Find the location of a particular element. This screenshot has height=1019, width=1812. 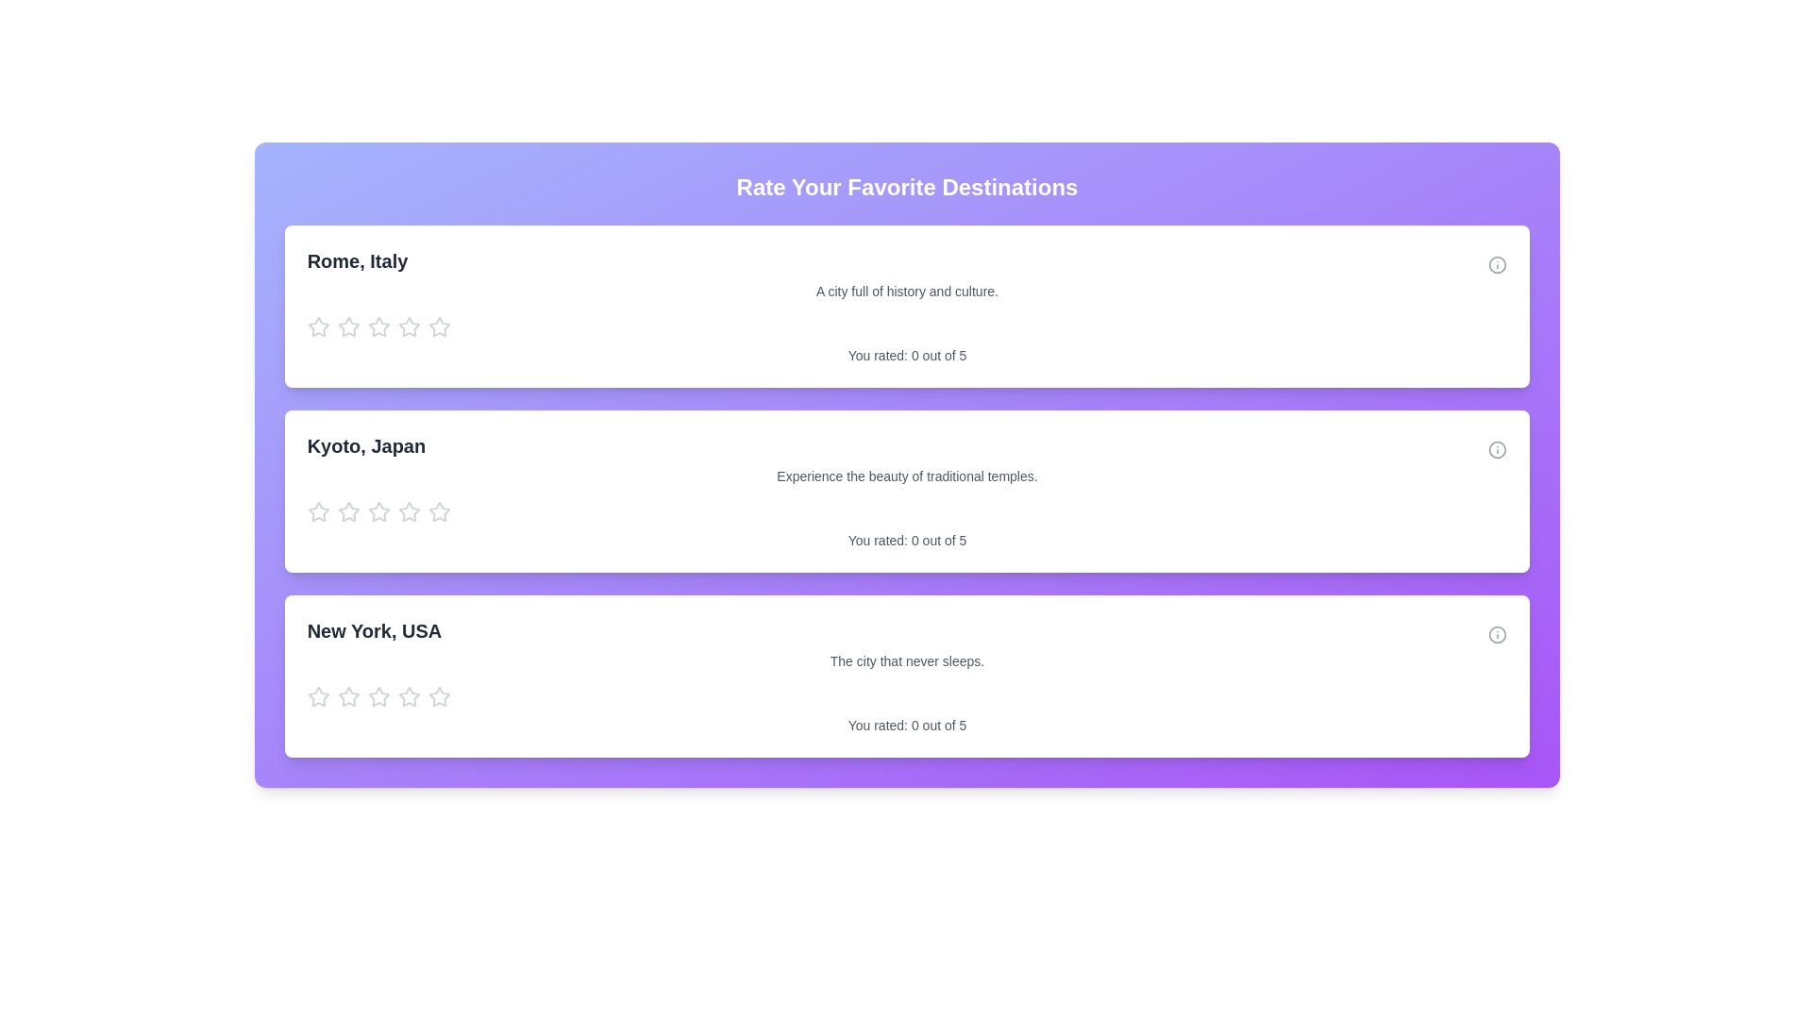

the first star icon in the rating system for 'Rome, Italy', which changes color from gray to yellow when hovered over is located at coordinates (318, 326).